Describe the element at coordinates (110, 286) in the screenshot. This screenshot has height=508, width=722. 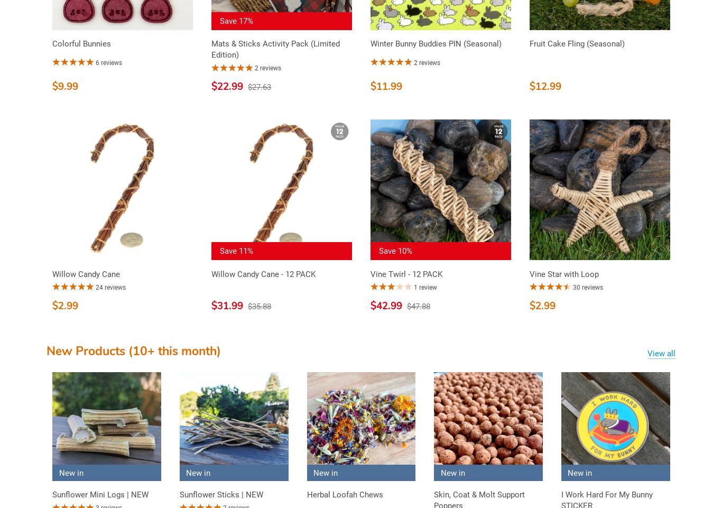
I see `'24 reviews'` at that location.